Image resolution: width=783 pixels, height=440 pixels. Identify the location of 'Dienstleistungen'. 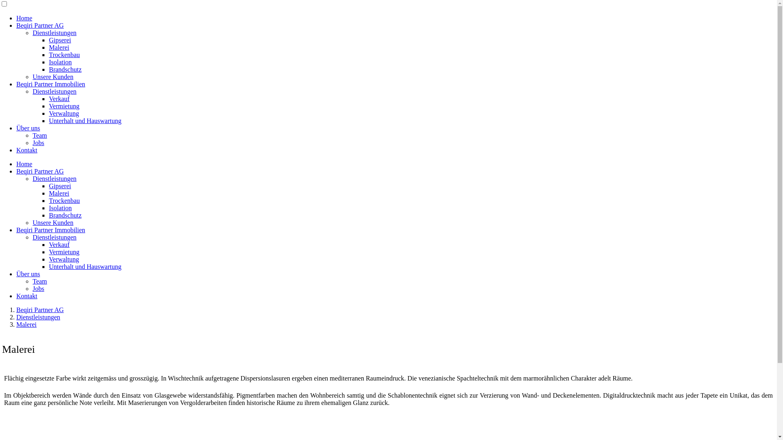
(54, 91).